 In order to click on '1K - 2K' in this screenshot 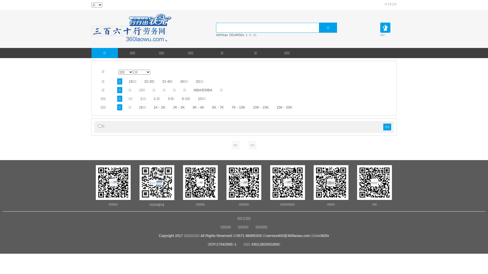, I will do `click(159, 107)`.